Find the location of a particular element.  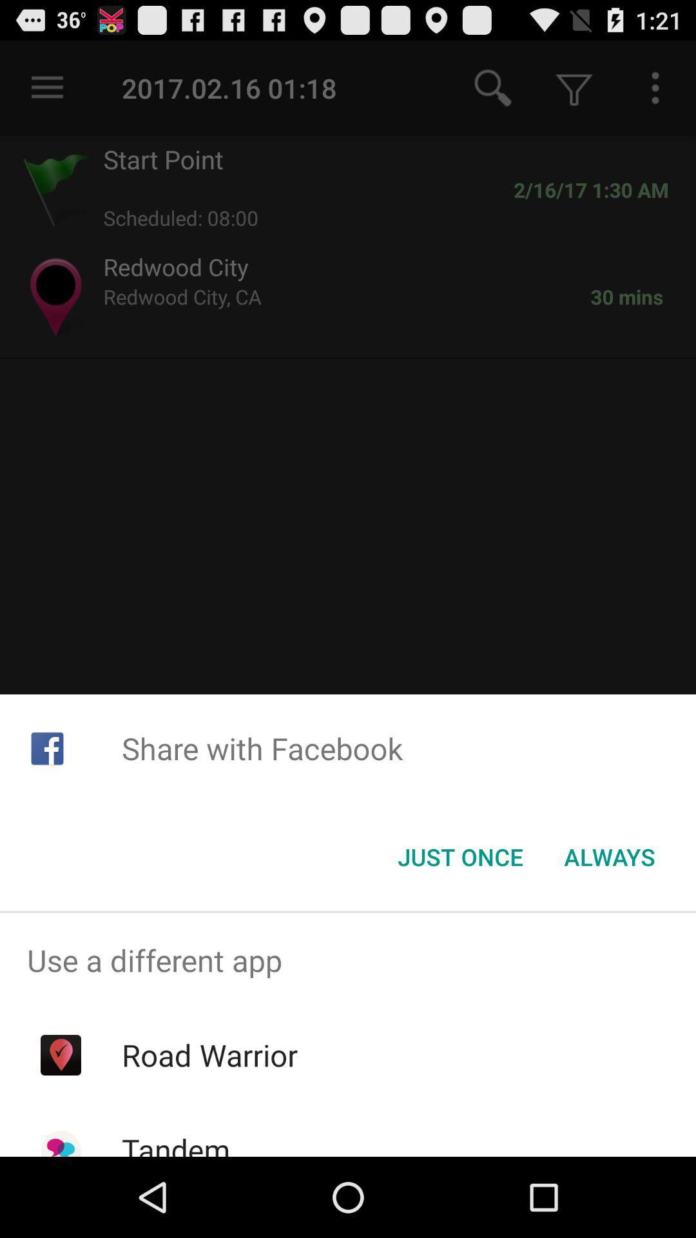

the item below use a different icon is located at coordinates (209, 1055).